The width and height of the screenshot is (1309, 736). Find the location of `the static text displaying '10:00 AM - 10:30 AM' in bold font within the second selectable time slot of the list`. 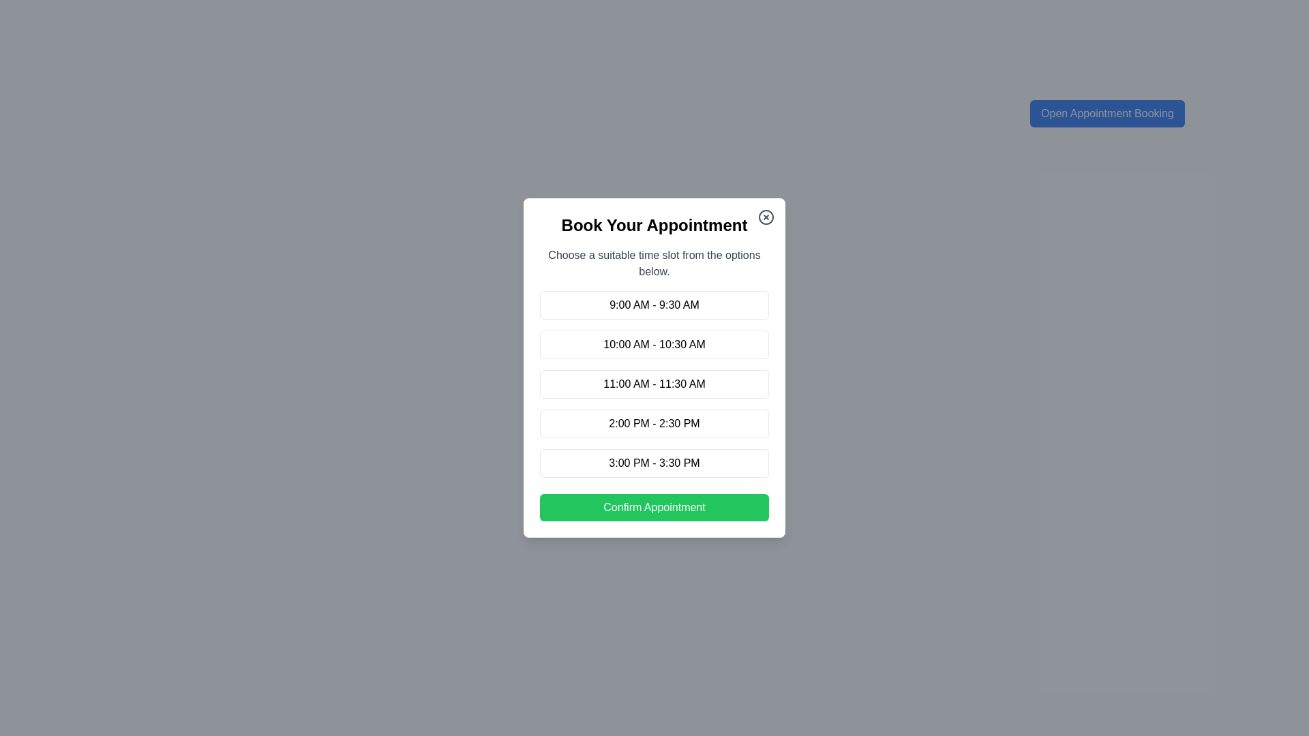

the static text displaying '10:00 AM - 10:30 AM' in bold font within the second selectable time slot of the list is located at coordinates (654, 343).